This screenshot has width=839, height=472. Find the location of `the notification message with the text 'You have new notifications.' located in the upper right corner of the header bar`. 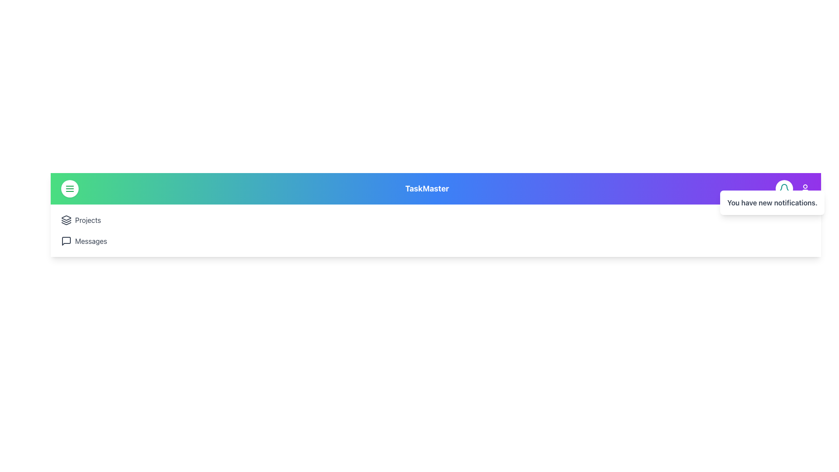

the notification message with the text 'You have new notifications.' located in the upper right corner of the header bar is located at coordinates (772, 202).